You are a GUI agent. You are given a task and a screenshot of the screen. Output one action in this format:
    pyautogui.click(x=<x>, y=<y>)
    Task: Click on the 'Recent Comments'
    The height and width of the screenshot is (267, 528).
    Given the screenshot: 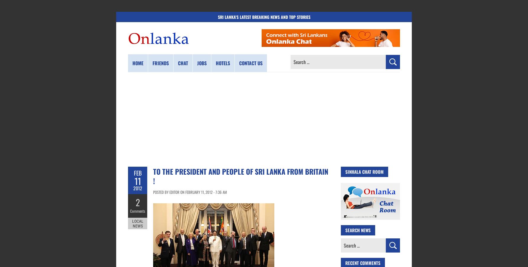 What is the action you would take?
    pyautogui.click(x=363, y=263)
    